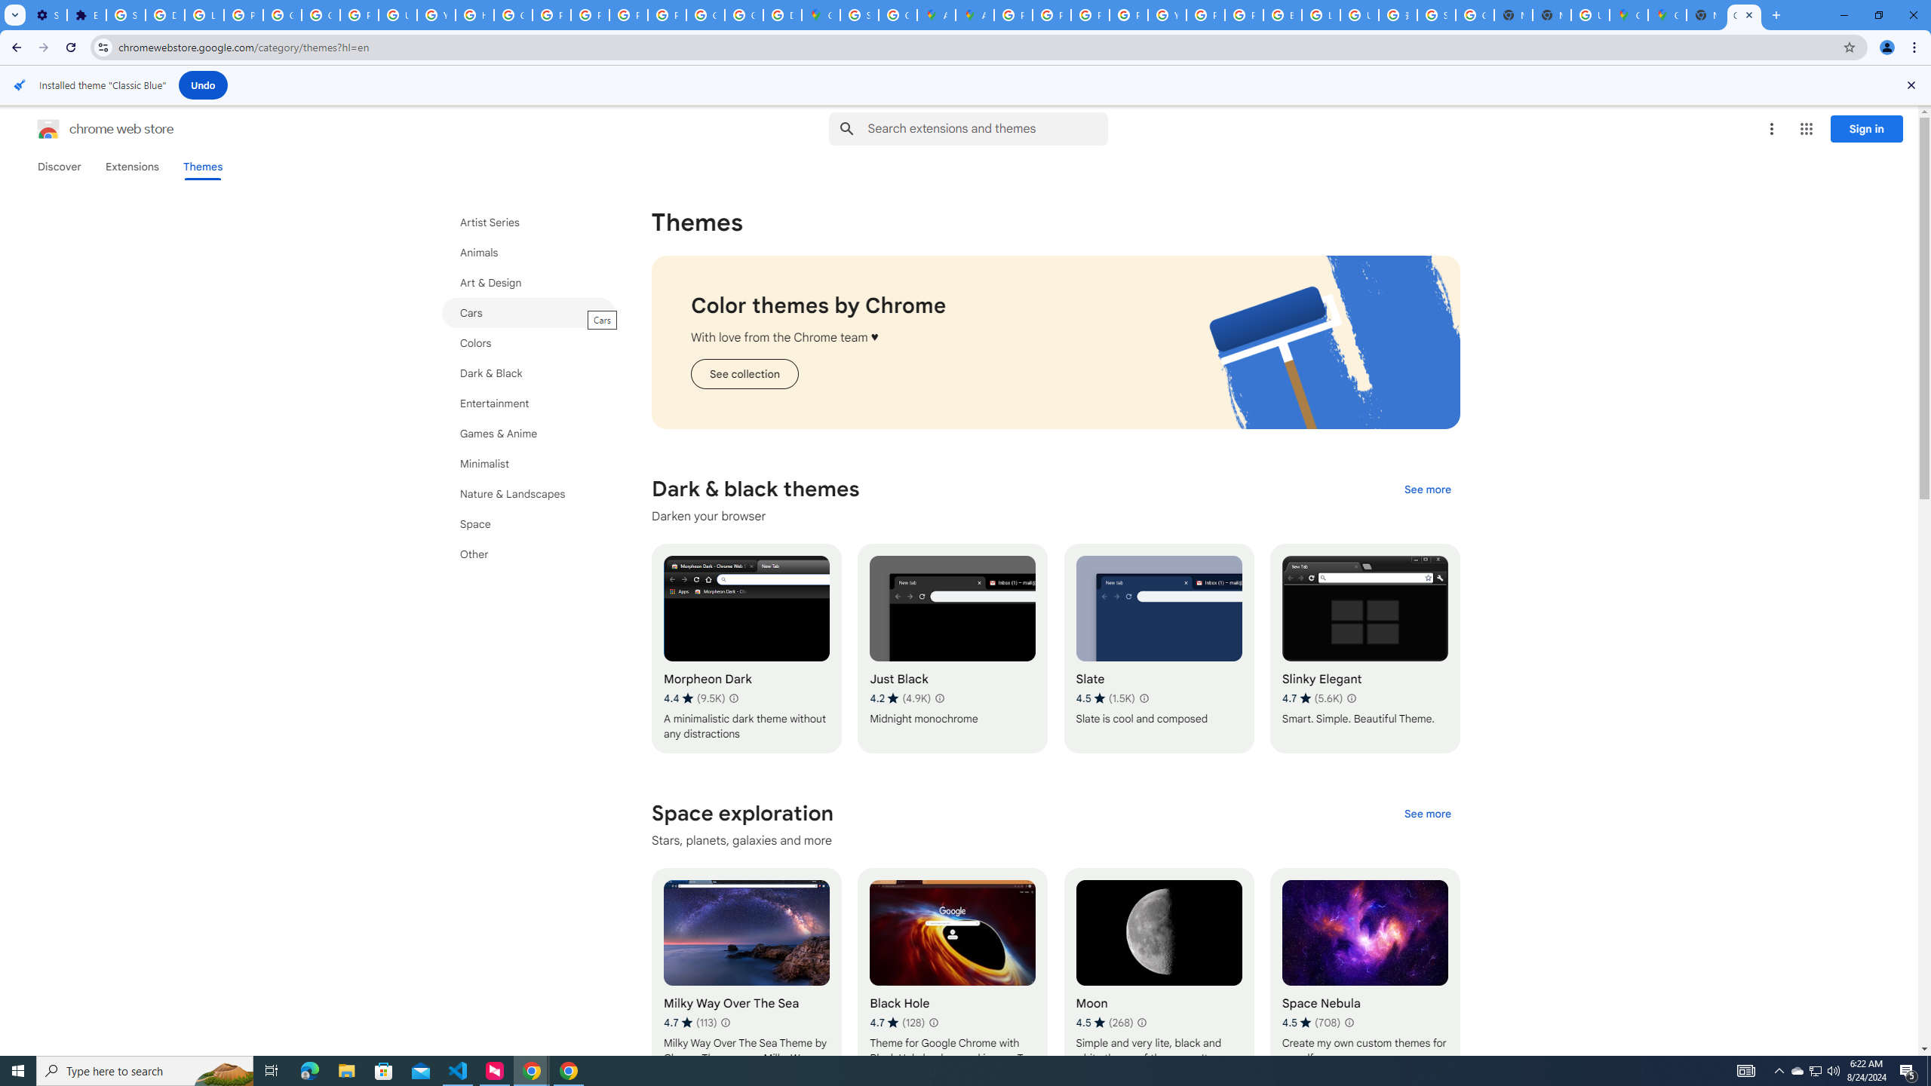  What do you see at coordinates (1348, 1022) in the screenshot?
I see `'Learn more about results and reviews "Space Nebula"'` at bounding box center [1348, 1022].